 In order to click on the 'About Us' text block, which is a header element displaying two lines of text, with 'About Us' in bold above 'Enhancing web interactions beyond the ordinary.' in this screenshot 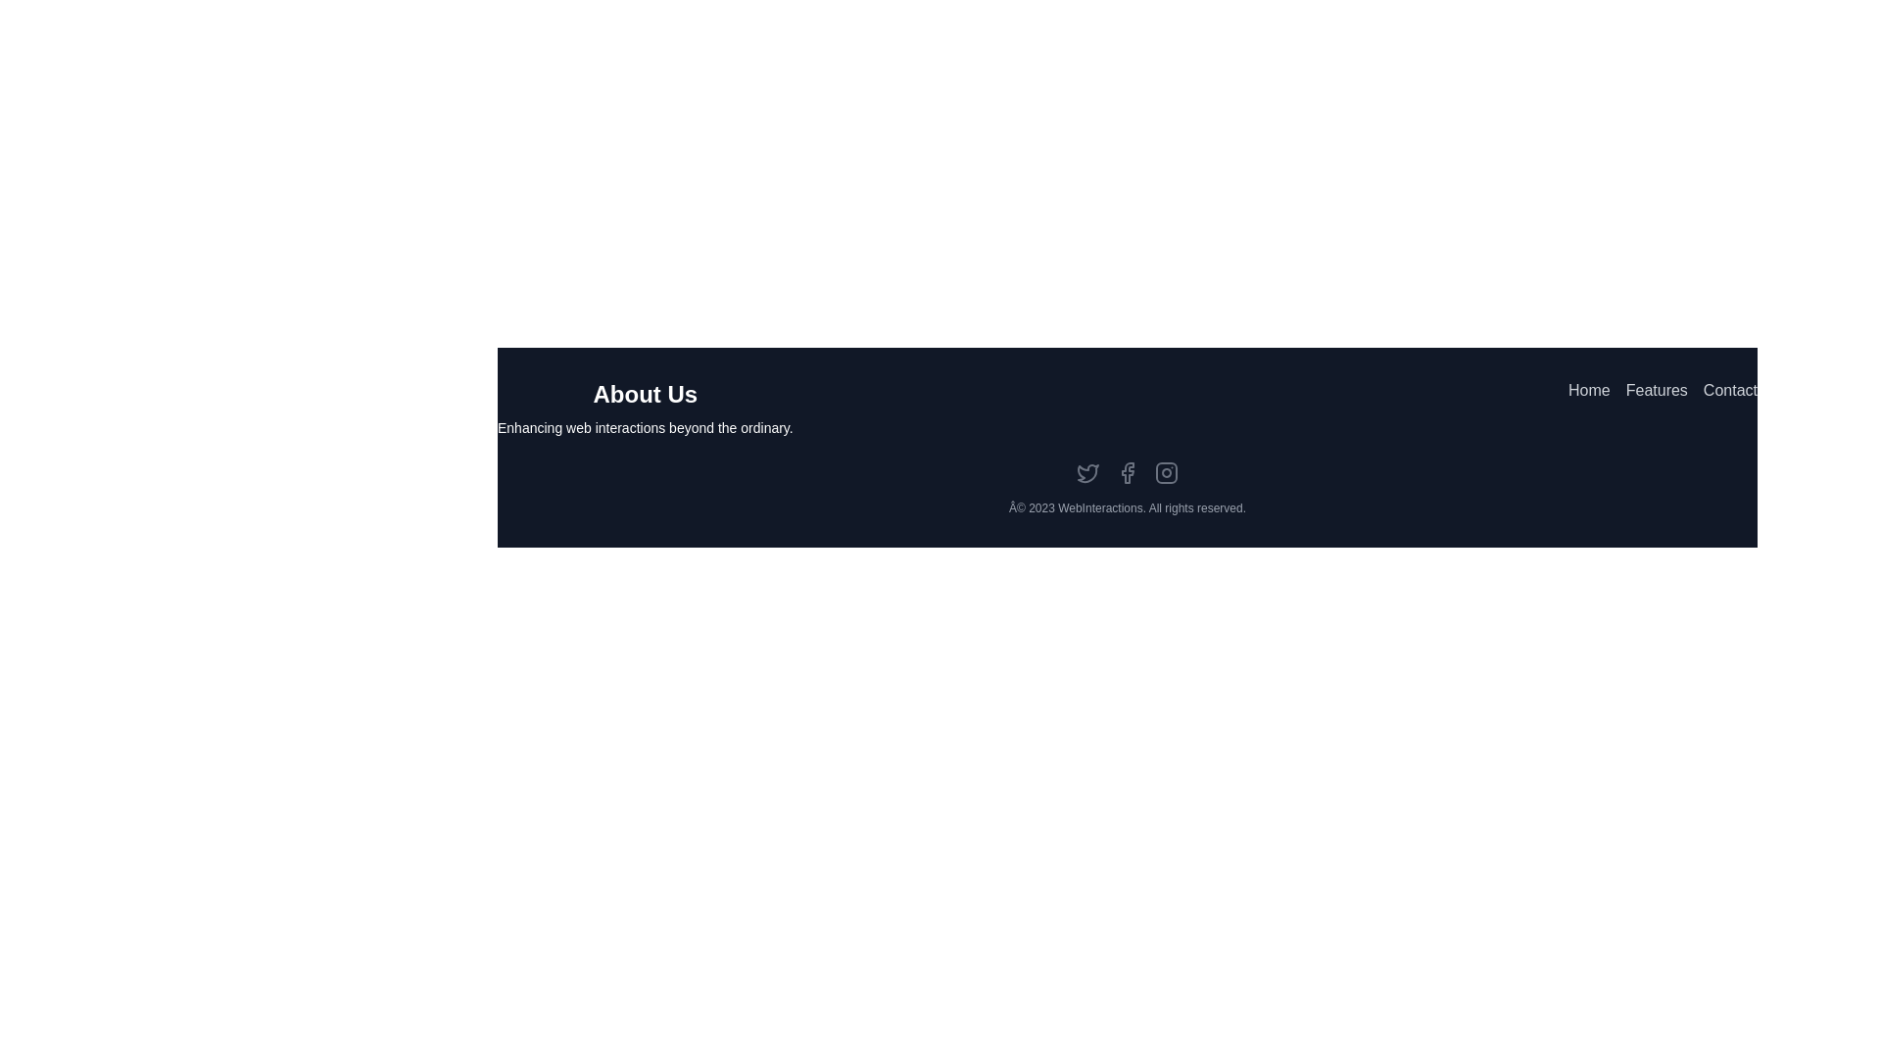, I will do `click(645, 407)`.